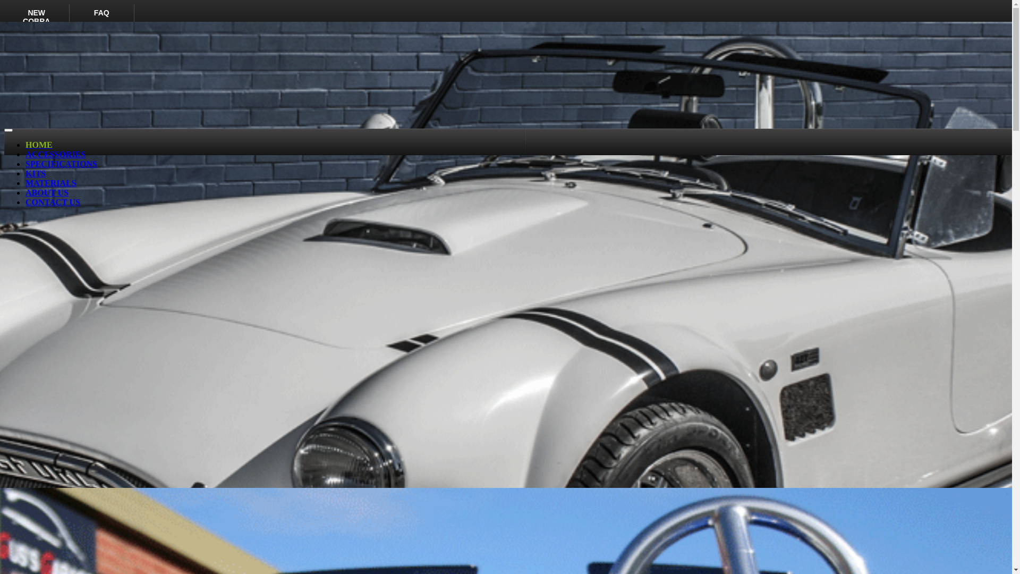 This screenshot has height=574, width=1020. Describe the element at coordinates (61, 164) in the screenshot. I see `'SPECIFICATIONS'` at that location.